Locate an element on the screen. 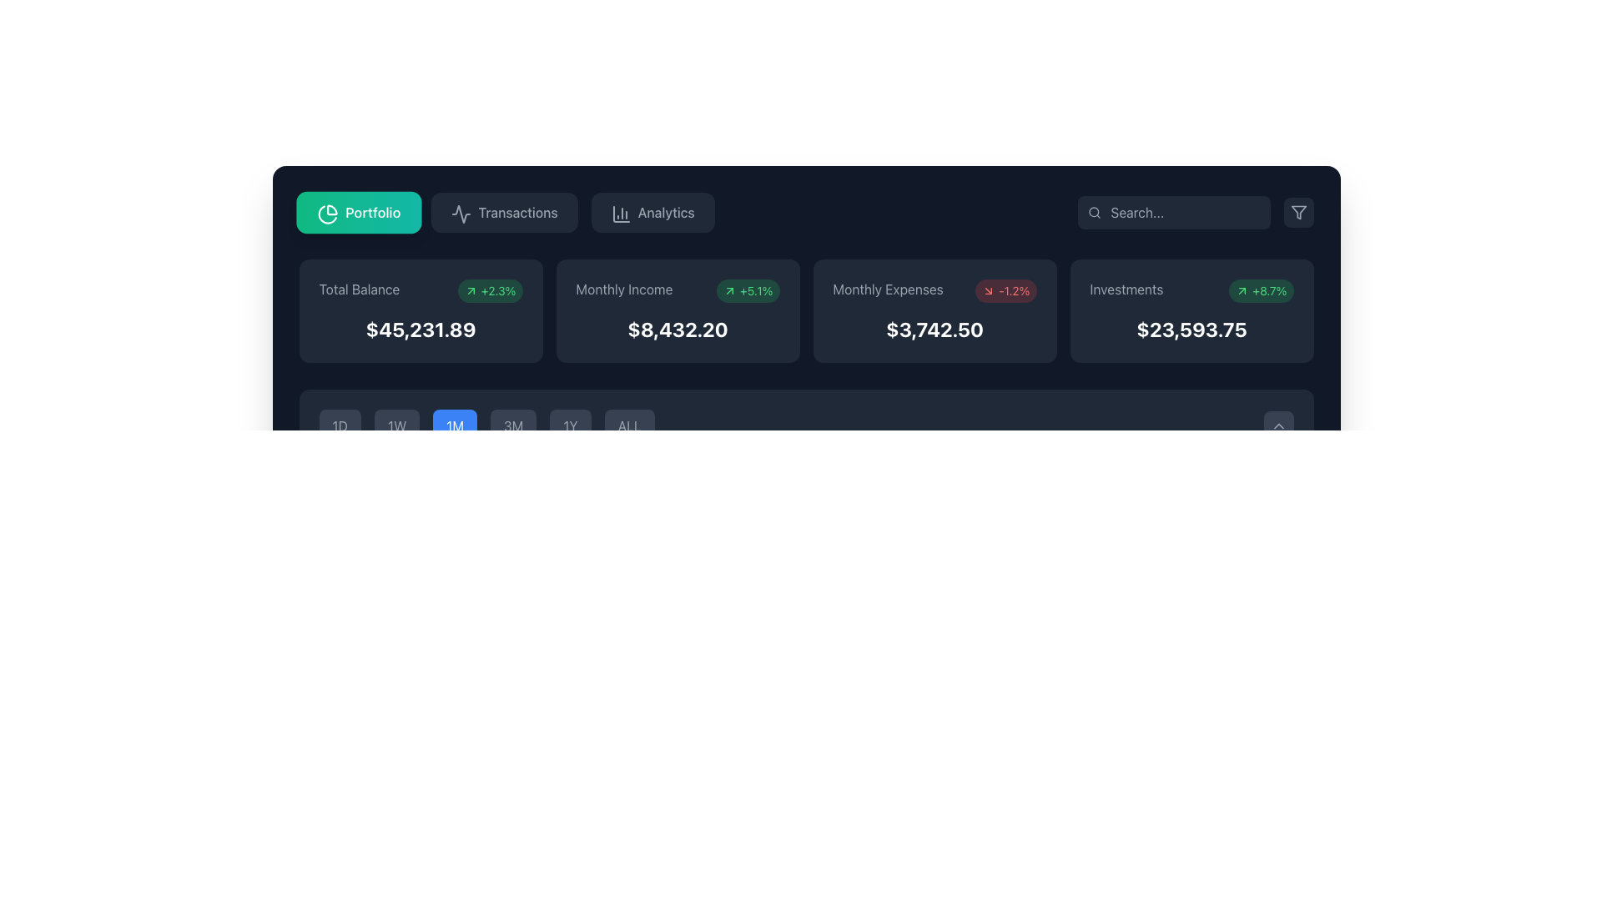 The width and height of the screenshot is (1602, 901). the static text label displaying 'Monthly Expenses' in gray font, which serves as a descriptor for associated data and is positioned above the value $3,742.50 is located at coordinates (887, 289).